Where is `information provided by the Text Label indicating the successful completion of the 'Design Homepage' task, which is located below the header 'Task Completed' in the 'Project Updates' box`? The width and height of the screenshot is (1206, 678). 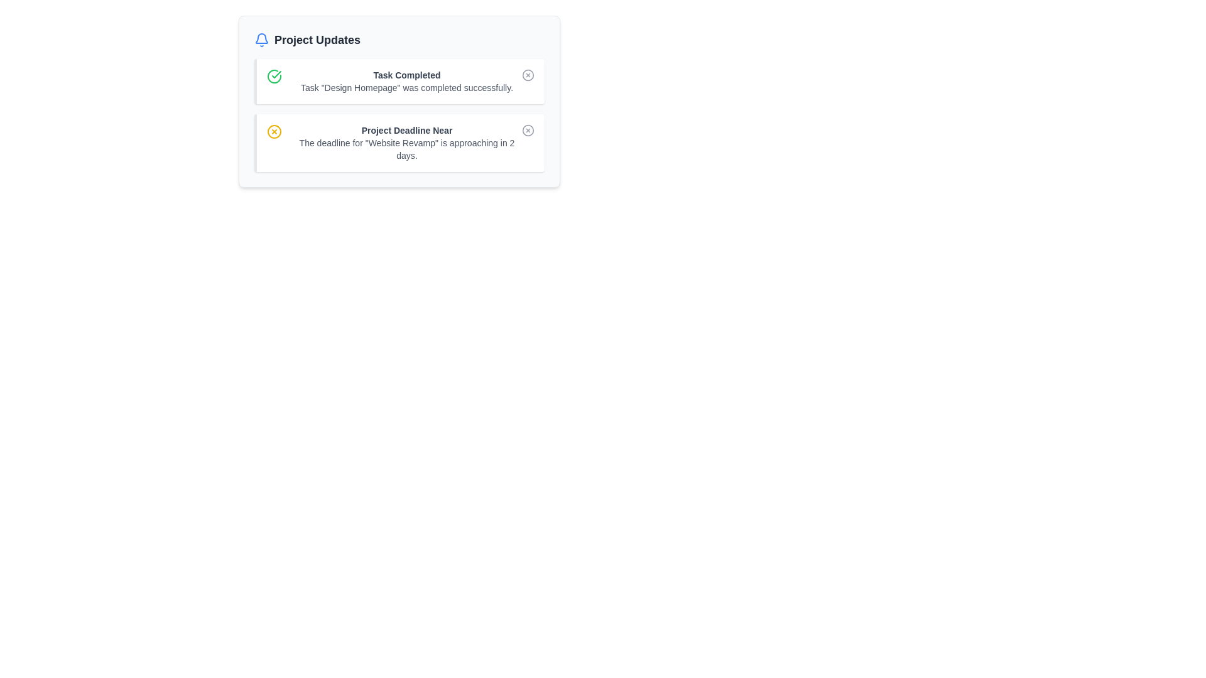 information provided by the Text Label indicating the successful completion of the 'Design Homepage' task, which is located below the header 'Task Completed' in the 'Project Updates' box is located at coordinates (407, 87).